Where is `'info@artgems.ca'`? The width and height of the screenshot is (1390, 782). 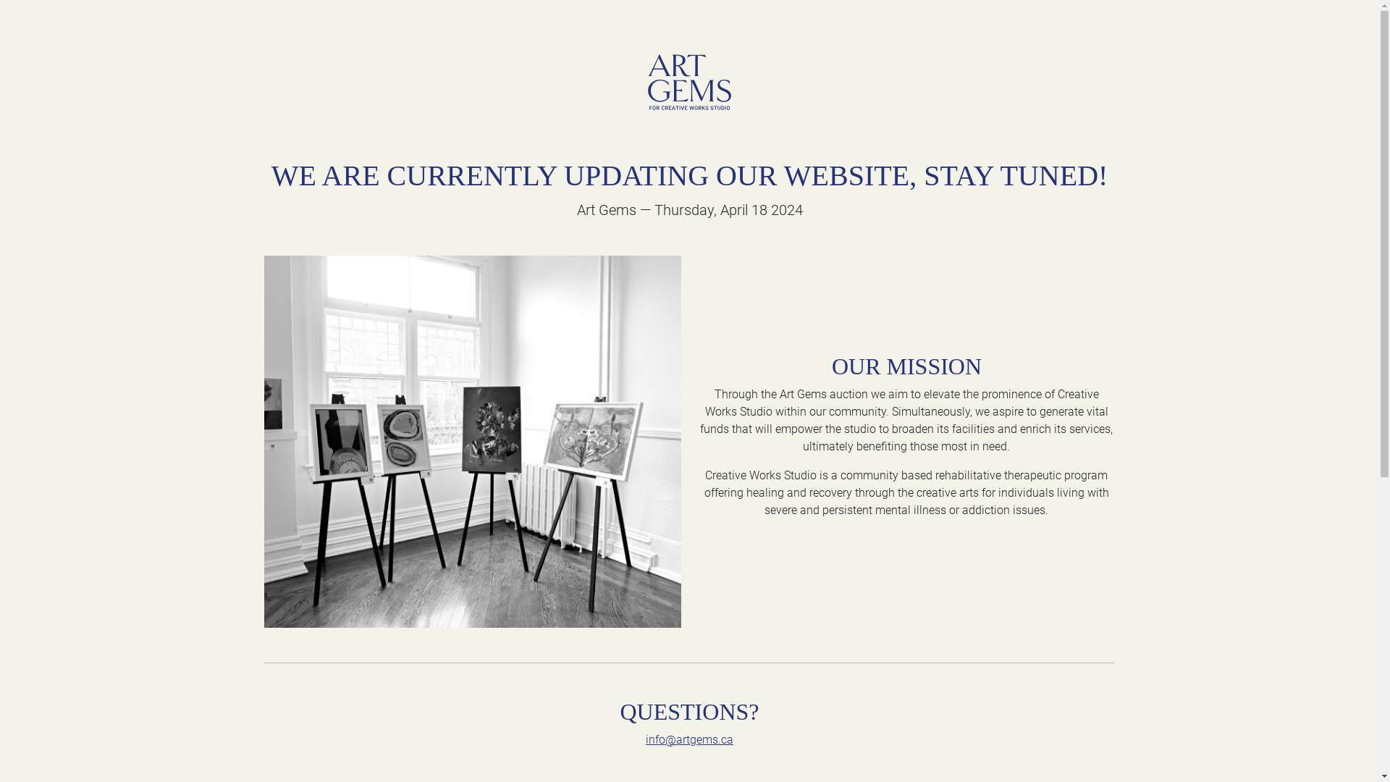 'info@artgems.ca' is located at coordinates (688, 739).